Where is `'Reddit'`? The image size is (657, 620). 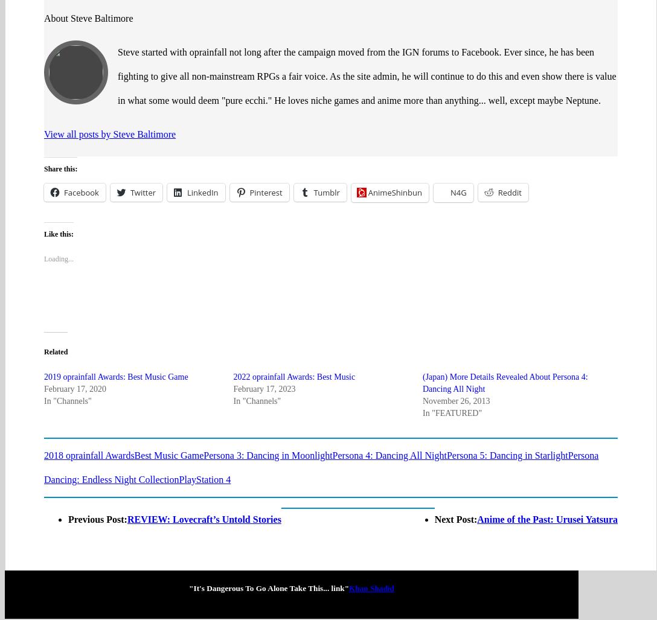 'Reddit' is located at coordinates (509, 145).